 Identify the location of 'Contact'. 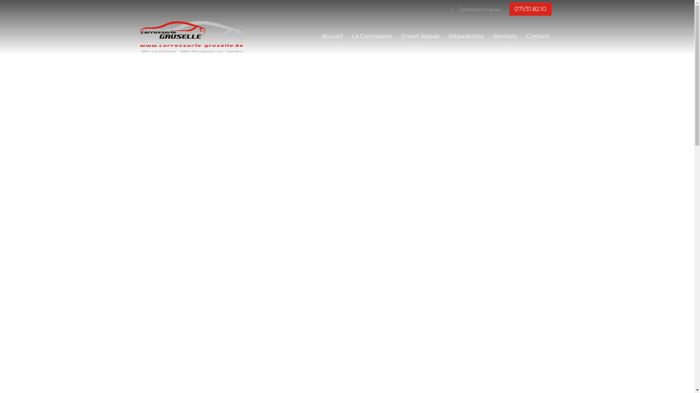
(537, 36).